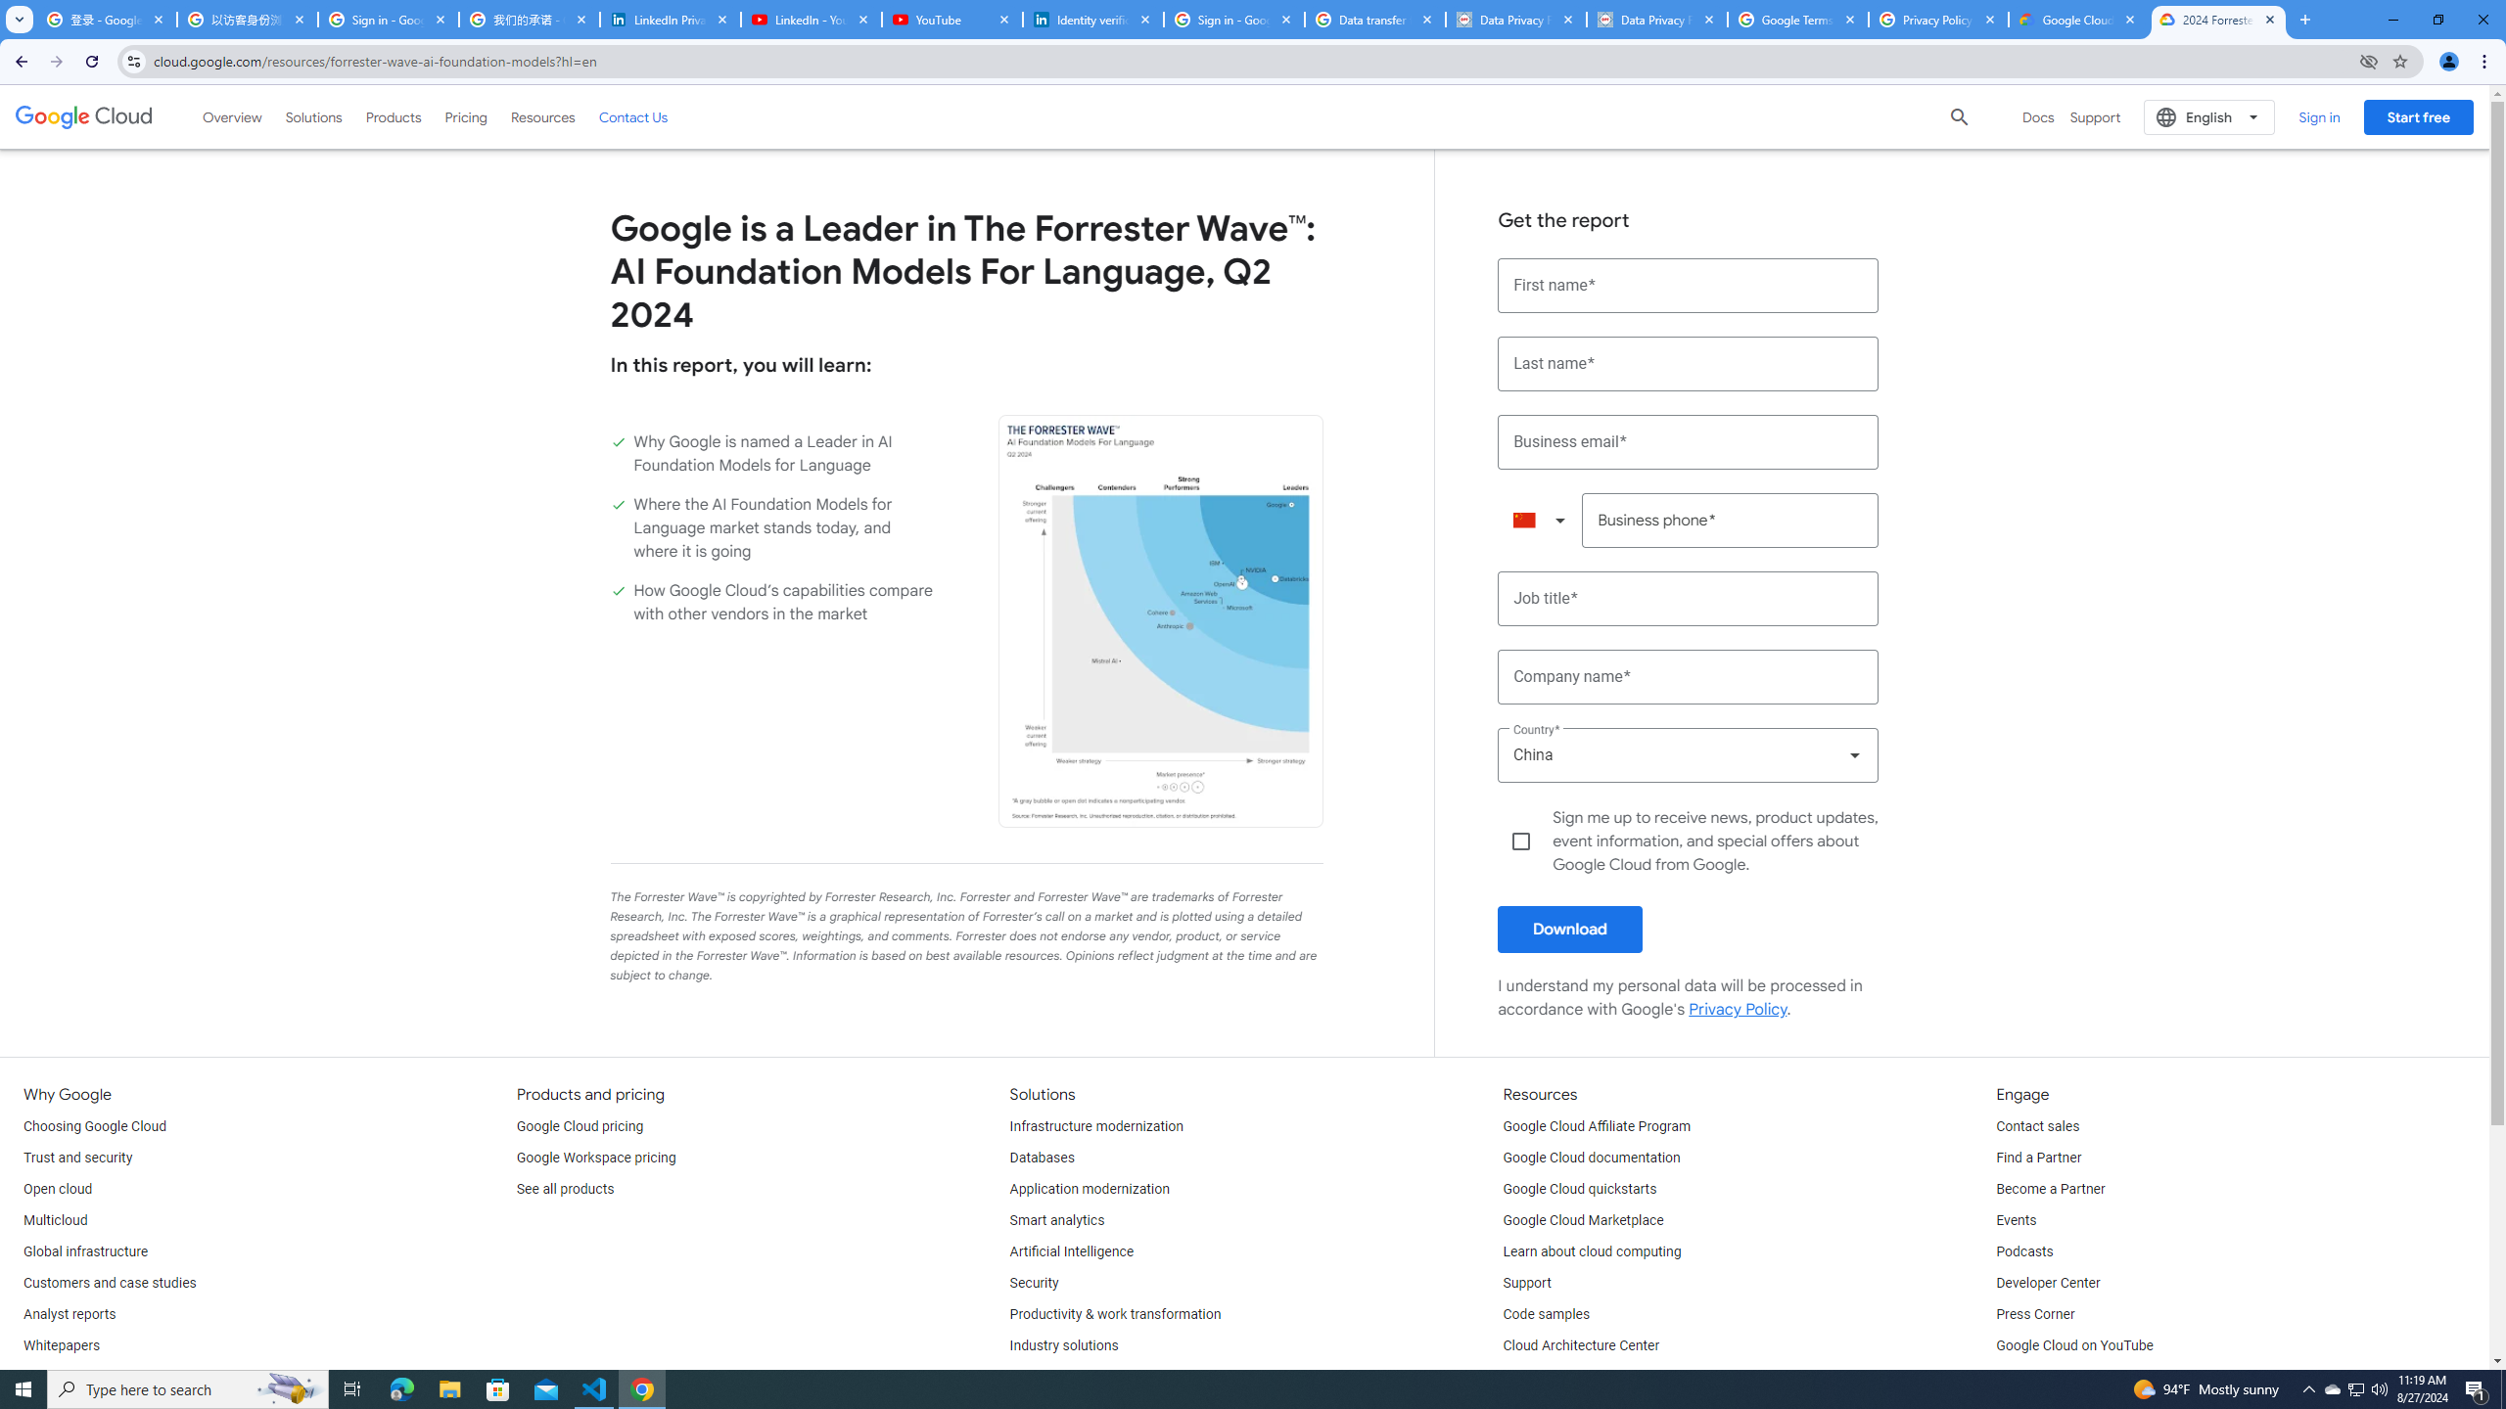 This screenshot has width=2506, height=1409. Describe the element at coordinates (2050, 1189) in the screenshot. I see `'Become a Partner'` at that location.